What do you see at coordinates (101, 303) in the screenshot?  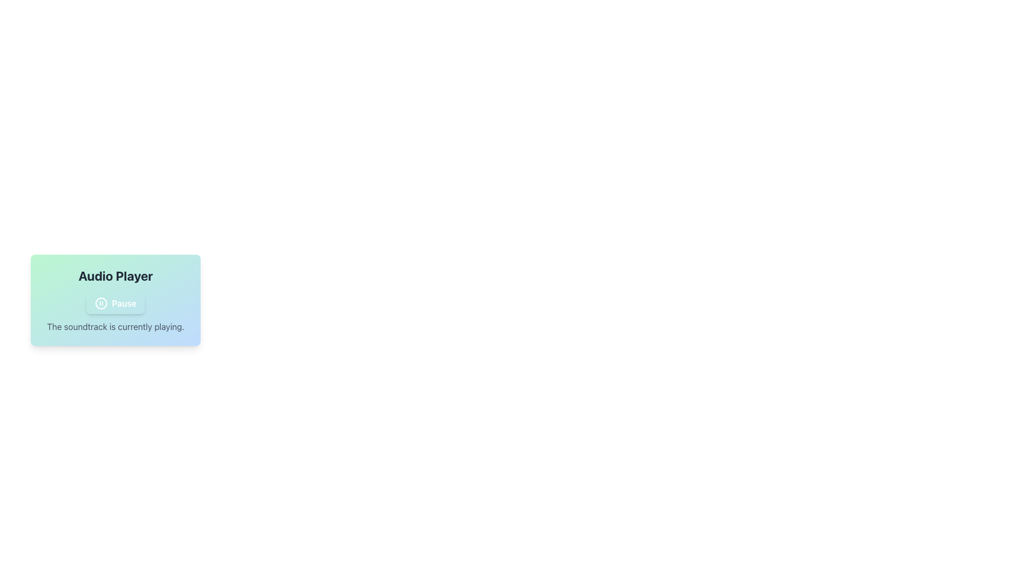 I see `the visual representation of the circular graphic within the pause icon located at the center of the 'Pause' button in the audio player interface` at bounding box center [101, 303].